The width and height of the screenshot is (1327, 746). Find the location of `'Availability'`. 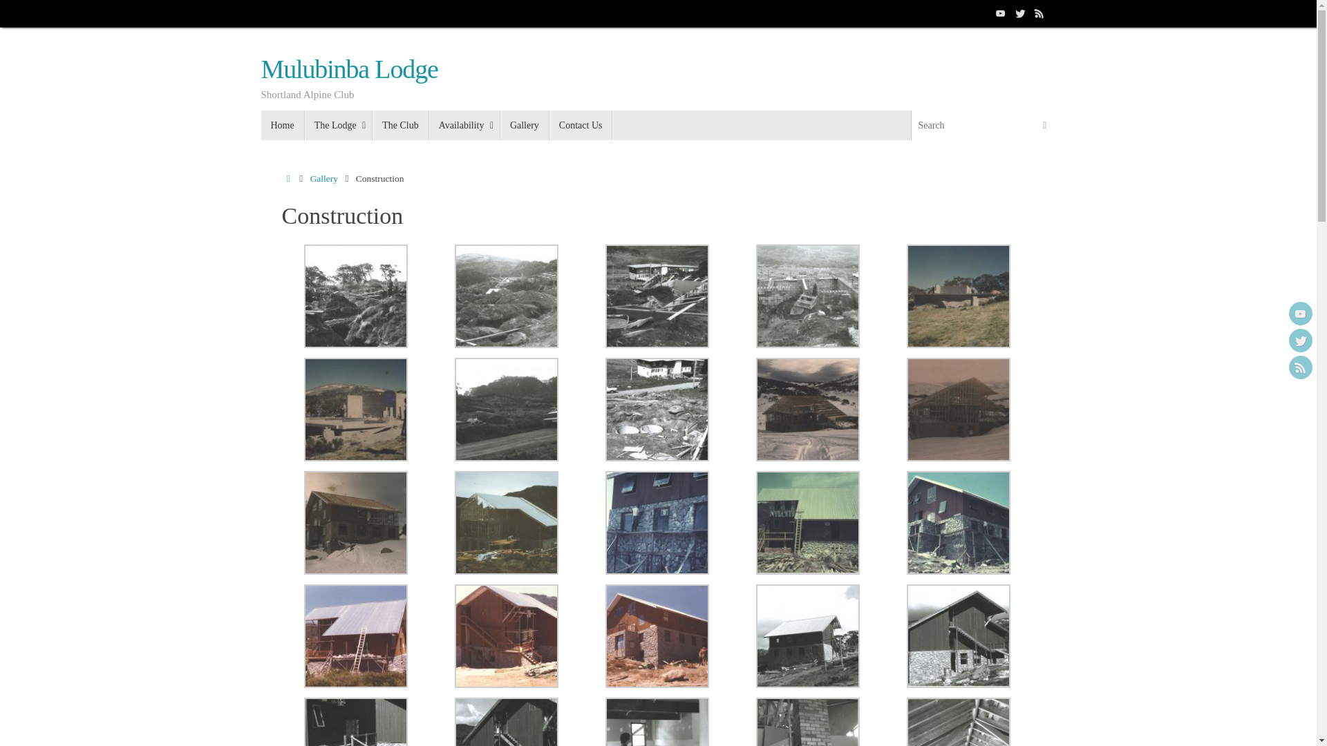

'Availability' is located at coordinates (428, 125).